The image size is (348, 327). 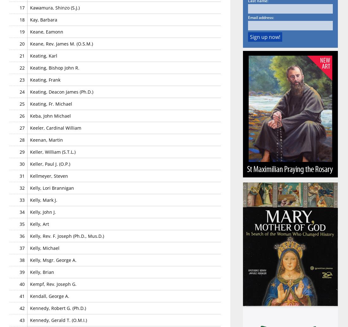 I want to click on 'Keane, Rev. James M. (O.S.M.)', so click(x=30, y=43).